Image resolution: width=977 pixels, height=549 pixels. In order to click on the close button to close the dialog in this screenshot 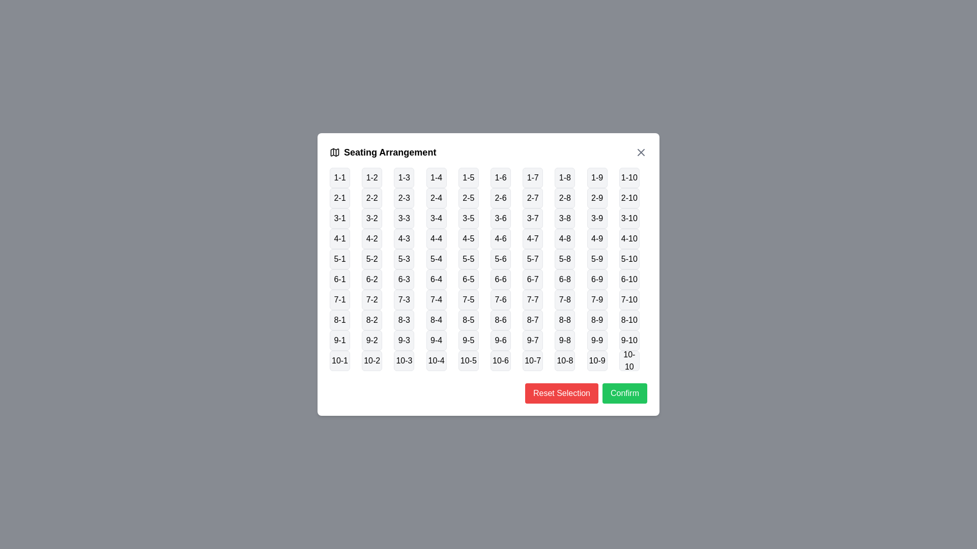, I will do `click(640, 152)`.